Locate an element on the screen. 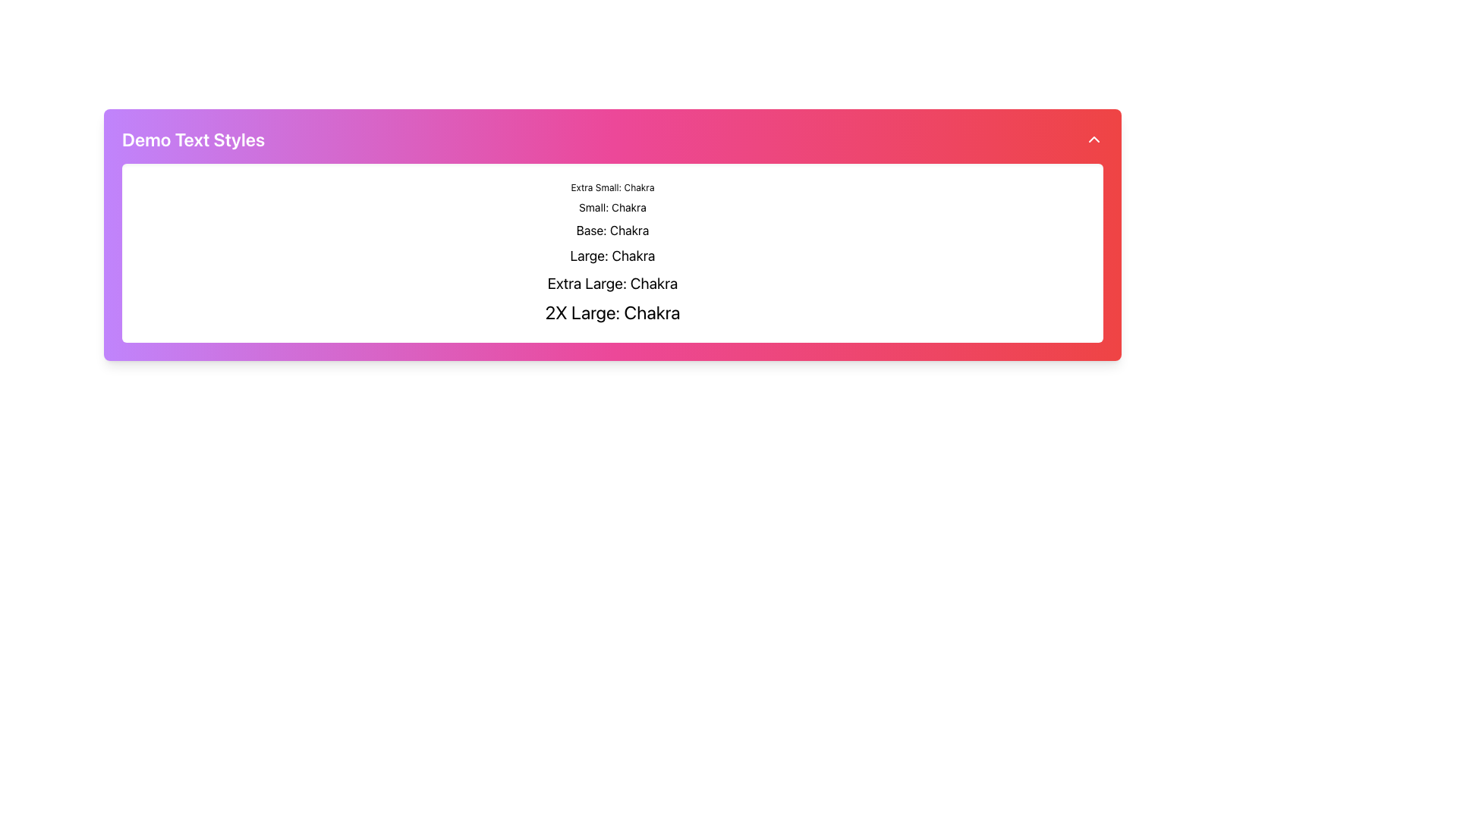 This screenshot has height=819, width=1457. the Title bar with interactive control is located at coordinates (612, 140).